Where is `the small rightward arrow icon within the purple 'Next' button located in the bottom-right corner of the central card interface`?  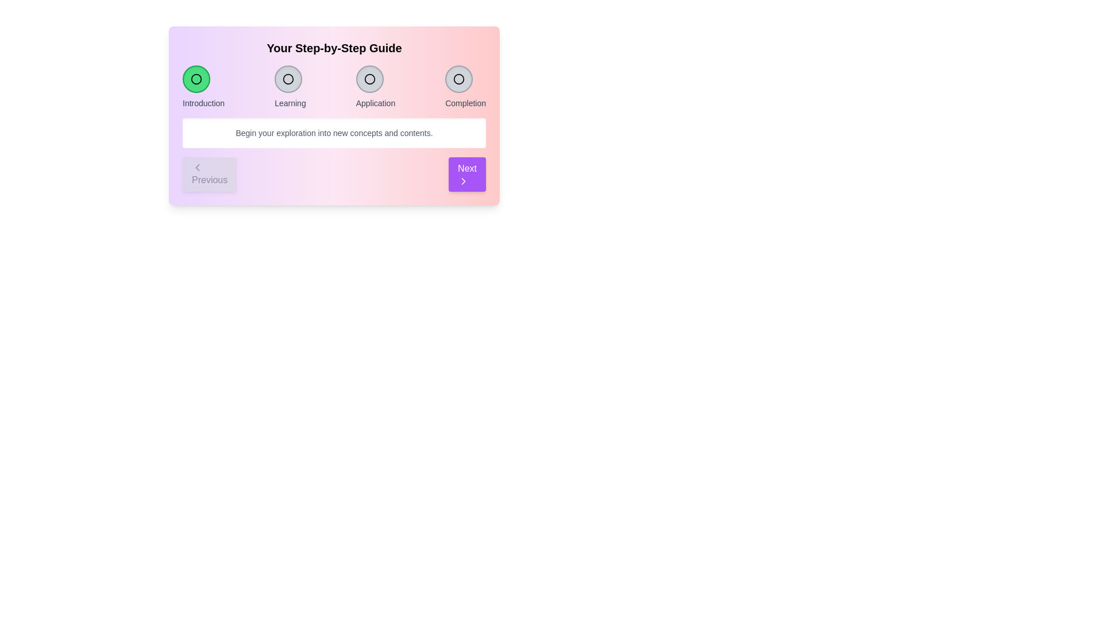
the small rightward arrow icon within the purple 'Next' button located in the bottom-right corner of the central card interface is located at coordinates (464, 181).